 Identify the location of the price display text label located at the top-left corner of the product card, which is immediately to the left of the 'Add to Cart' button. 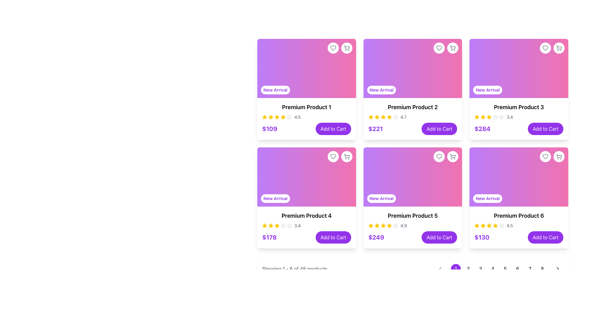
(270, 128).